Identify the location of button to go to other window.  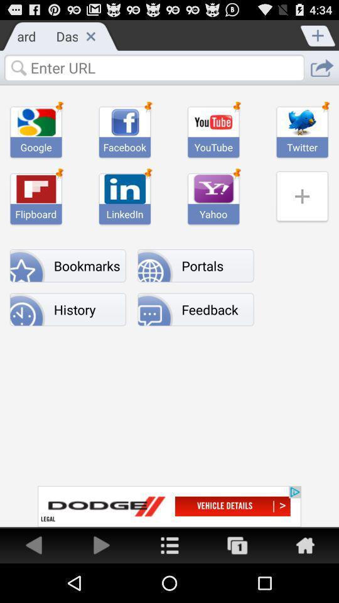
(237, 544).